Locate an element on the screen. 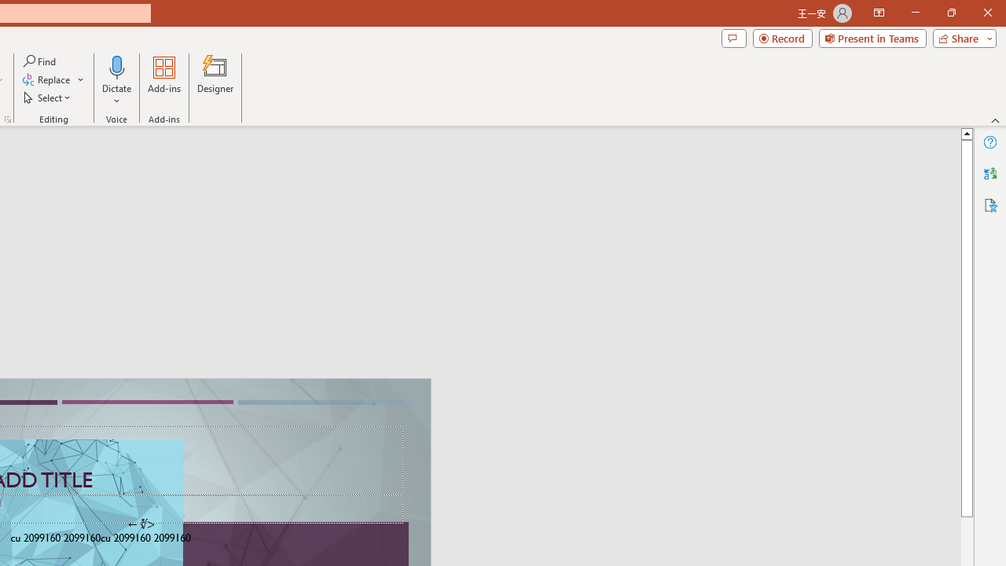 Image resolution: width=1006 pixels, height=566 pixels. 'Dictate' is located at coordinates (116, 66).